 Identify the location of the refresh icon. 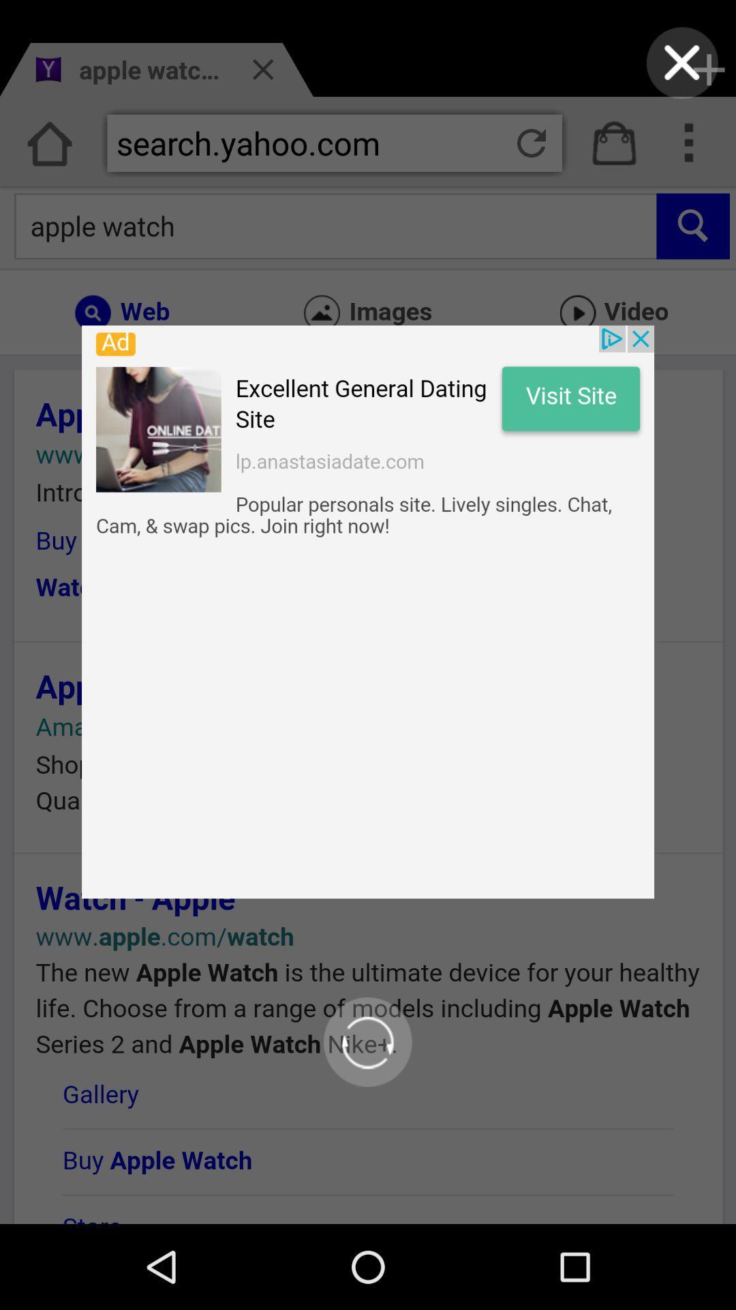
(367, 1115).